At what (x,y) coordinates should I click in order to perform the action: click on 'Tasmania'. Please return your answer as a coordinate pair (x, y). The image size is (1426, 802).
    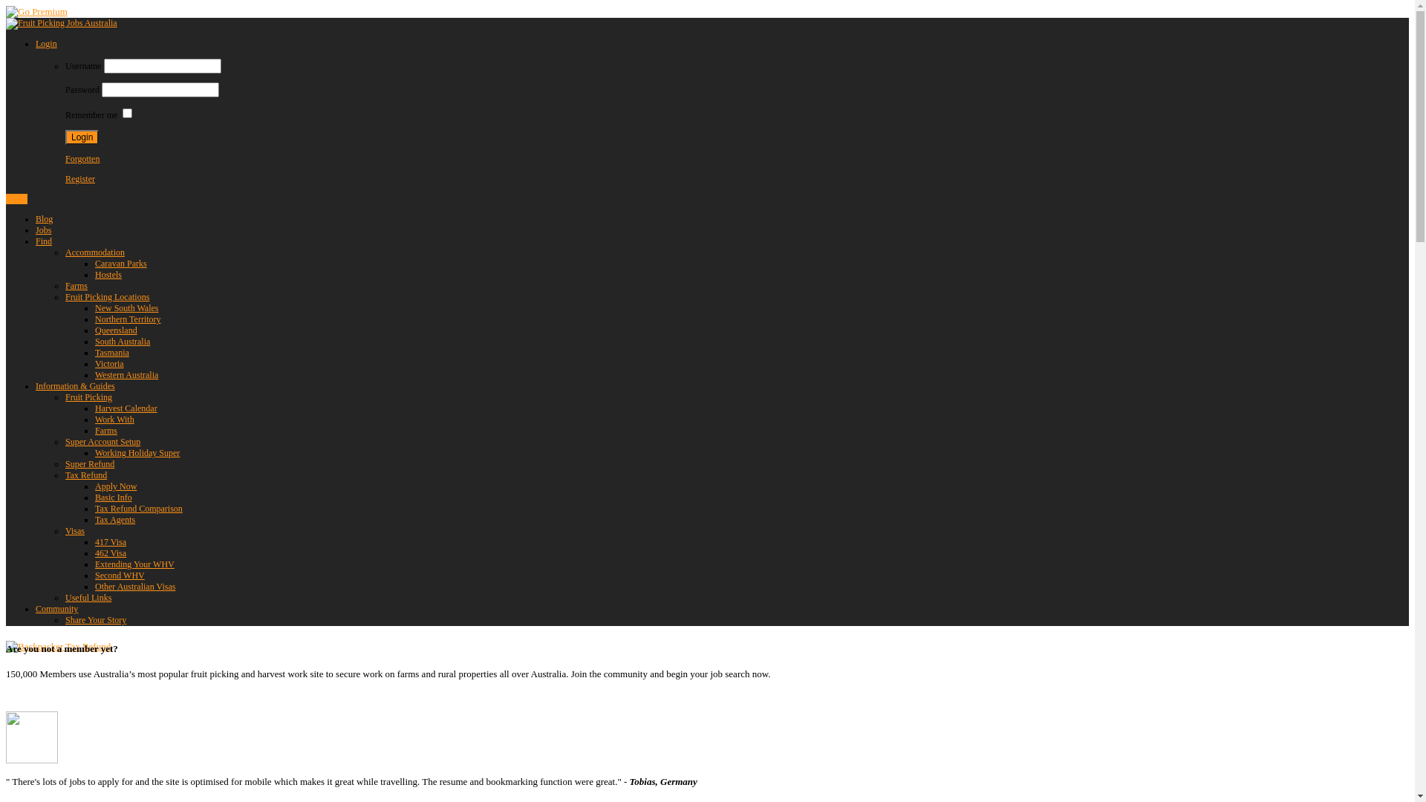
    Looking at the image, I should click on (111, 352).